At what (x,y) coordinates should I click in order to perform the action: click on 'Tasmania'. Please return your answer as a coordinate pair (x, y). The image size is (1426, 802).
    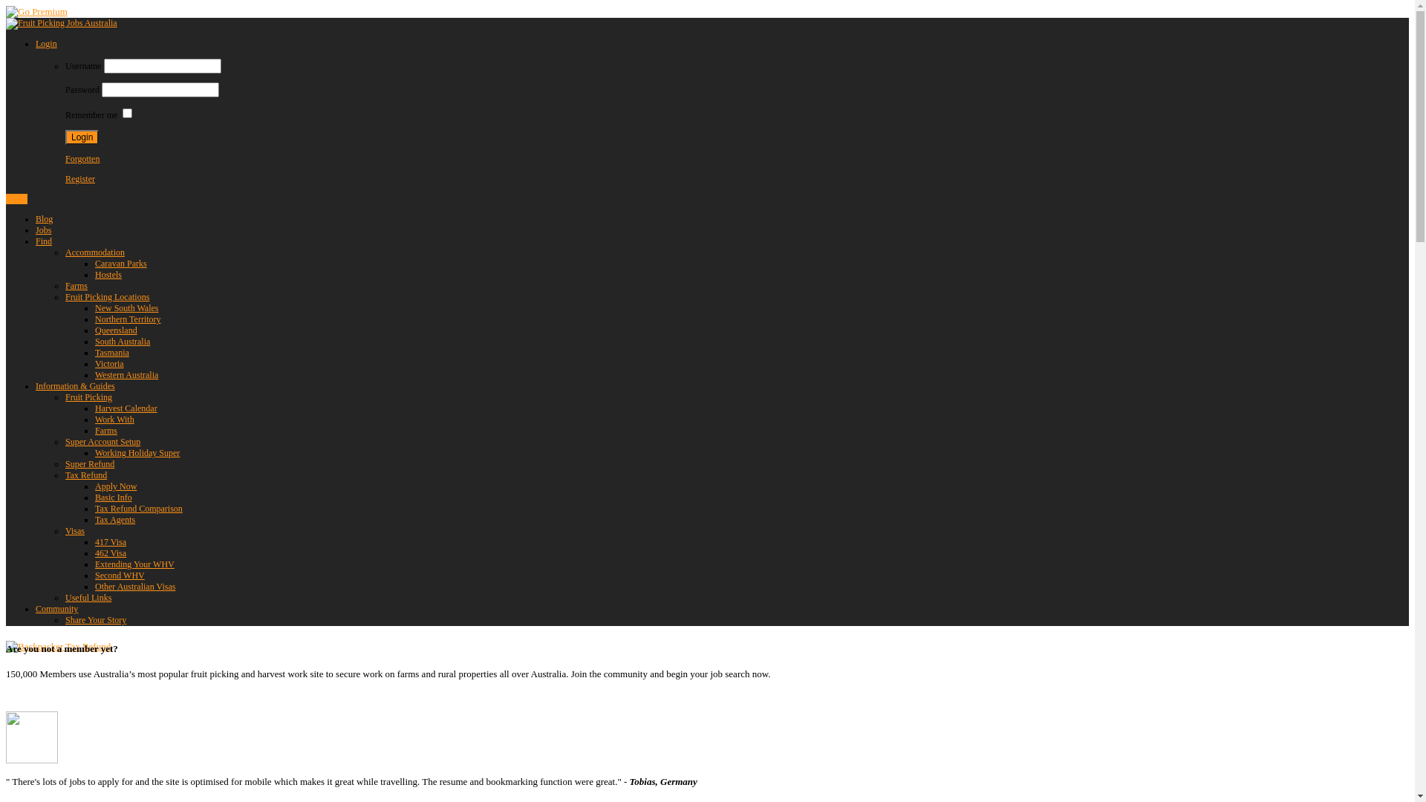
    Looking at the image, I should click on (111, 352).